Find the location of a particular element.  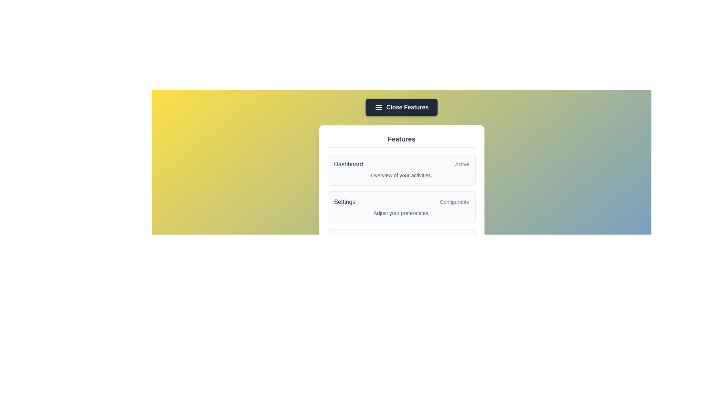

the content of the 'Settings' and 'Configurable' label located beneath the 'Features' section in the secondary part of the interface is located at coordinates (401, 202).